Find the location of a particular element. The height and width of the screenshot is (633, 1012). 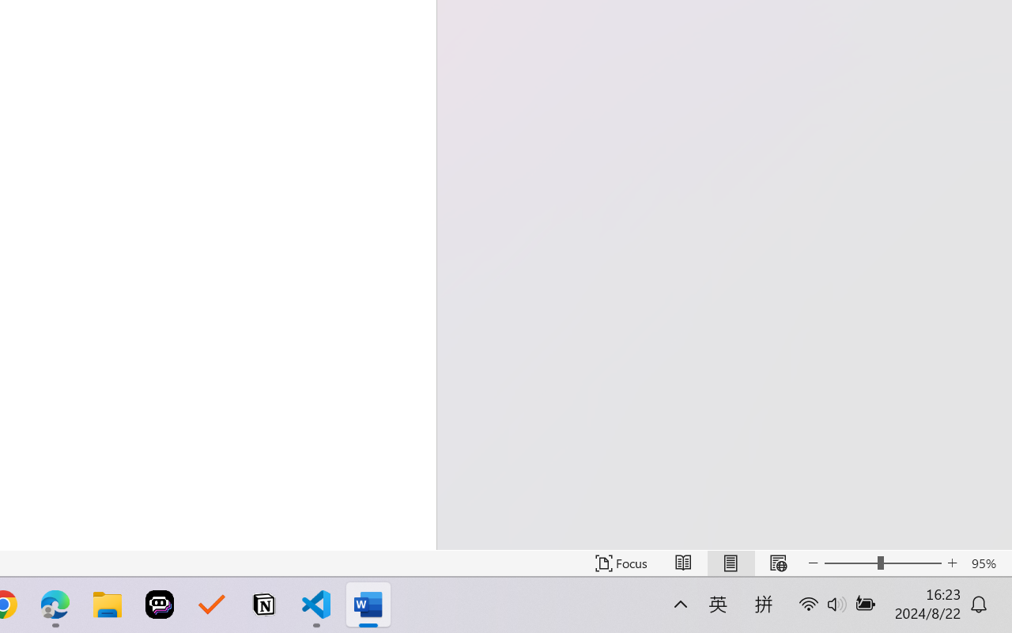

'Poe' is located at coordinates (160, 605).